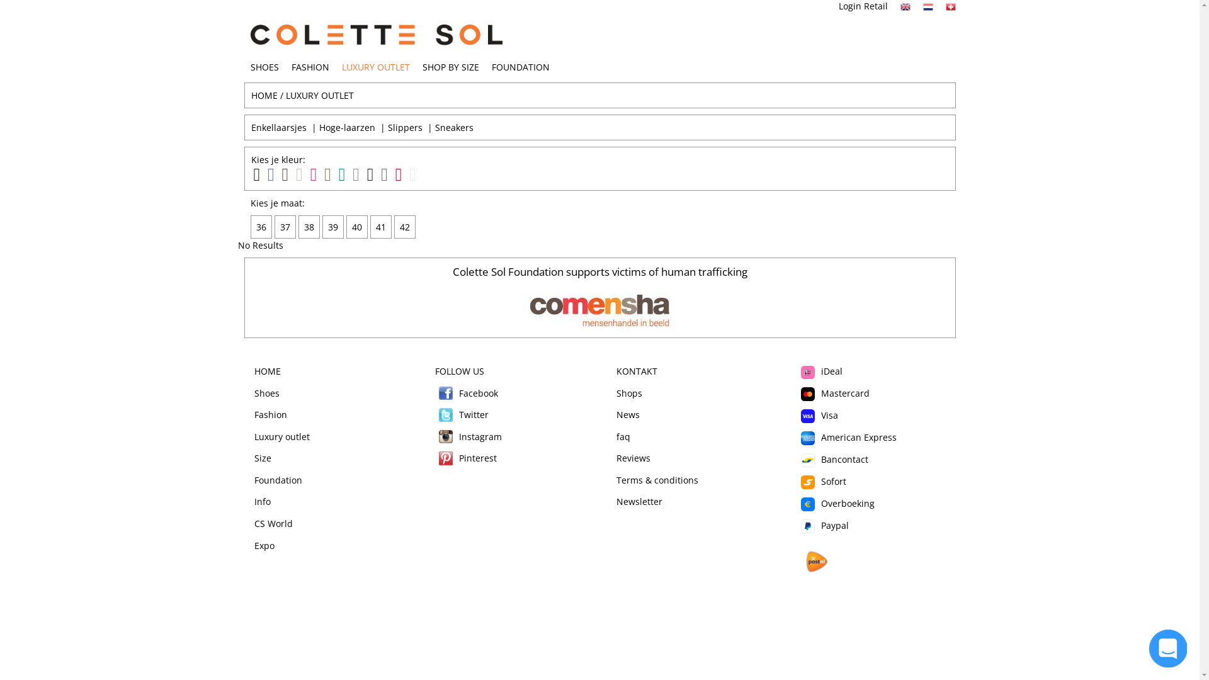 The width and height of the screenshot is (1209, 680). I want to click on '41 ', so click(381, 227).